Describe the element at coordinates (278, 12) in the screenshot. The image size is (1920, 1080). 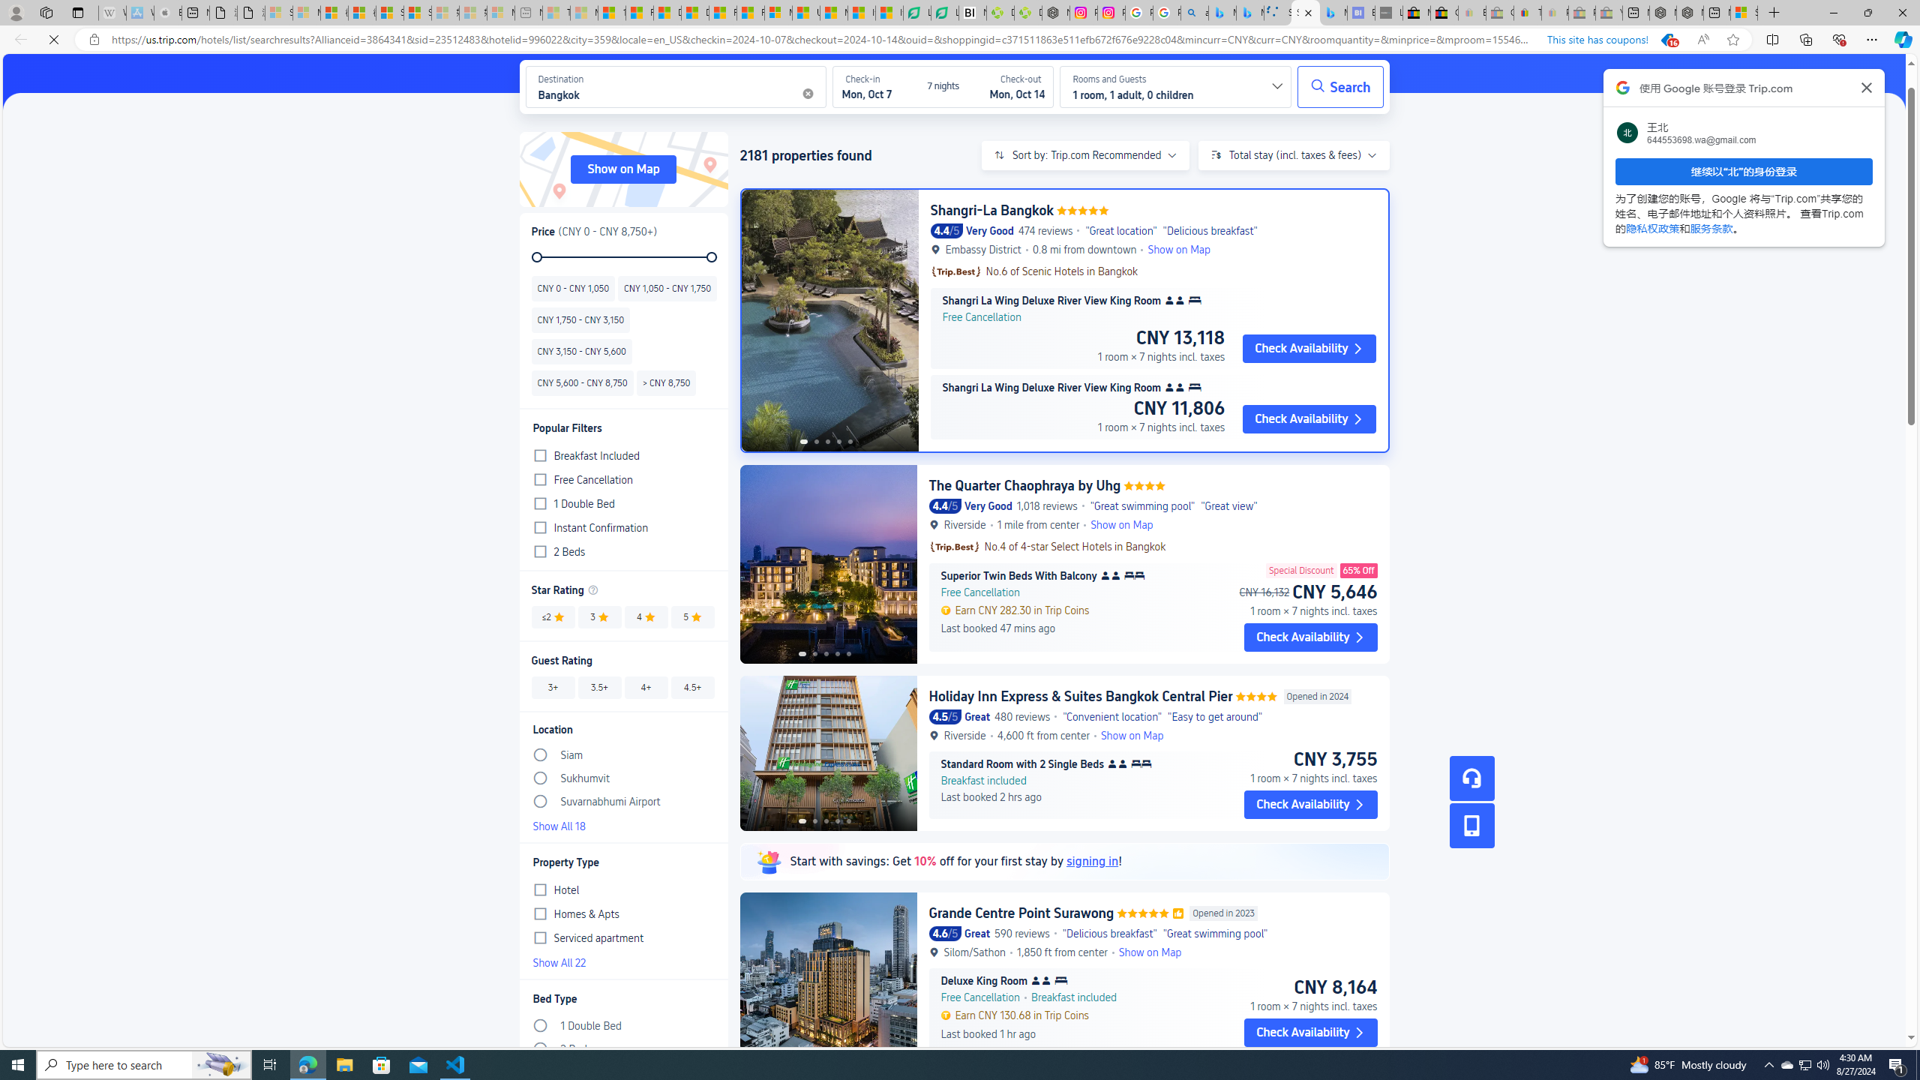
I see `'Sign in to your Microsoft account - Sleeping'` at that location.